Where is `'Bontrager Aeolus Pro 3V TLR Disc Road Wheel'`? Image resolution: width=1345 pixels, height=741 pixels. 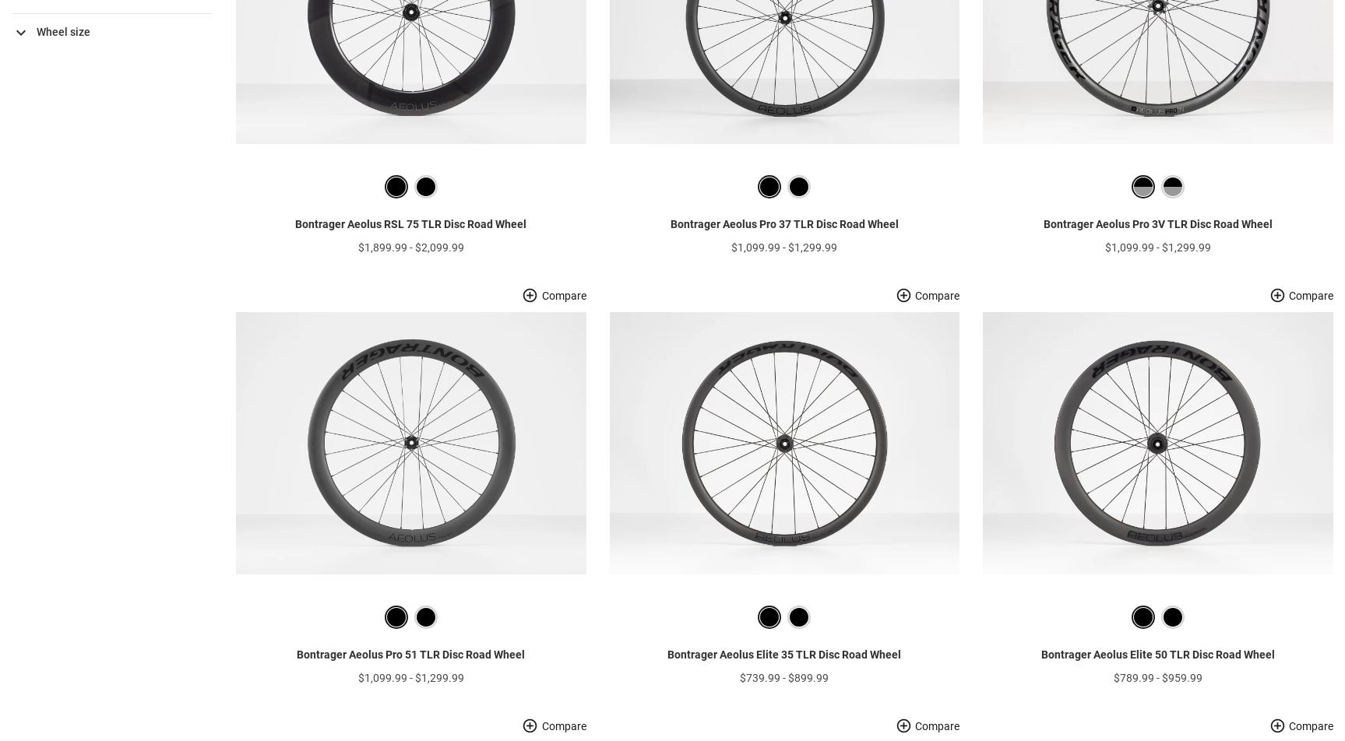 'Bontrager Aeolus Pro 3V TLR Disc Road Wheel' is located at coordinates (1157, 248).